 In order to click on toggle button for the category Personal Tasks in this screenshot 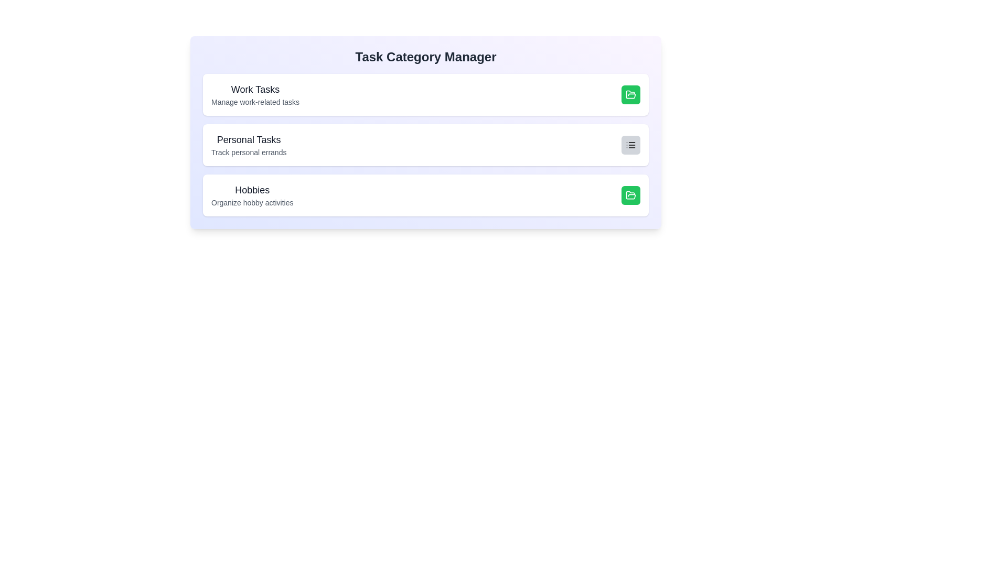, I will do `click(630, 145)`.